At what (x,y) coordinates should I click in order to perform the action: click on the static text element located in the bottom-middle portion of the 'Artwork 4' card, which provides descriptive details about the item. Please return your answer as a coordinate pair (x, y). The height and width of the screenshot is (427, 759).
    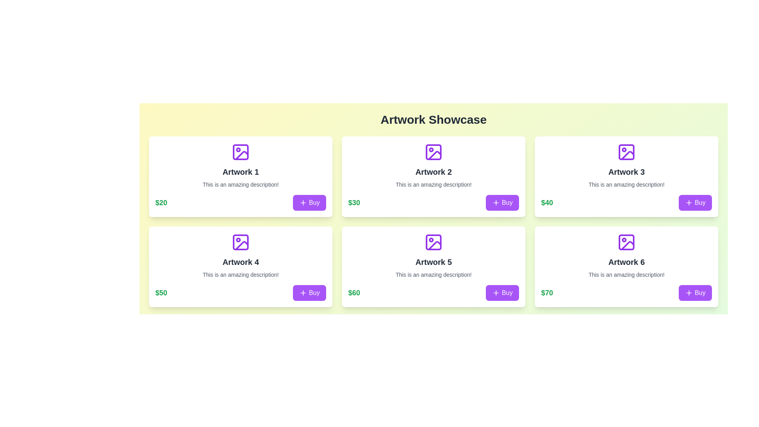
    Looking at the image, I should click on (240, 274).